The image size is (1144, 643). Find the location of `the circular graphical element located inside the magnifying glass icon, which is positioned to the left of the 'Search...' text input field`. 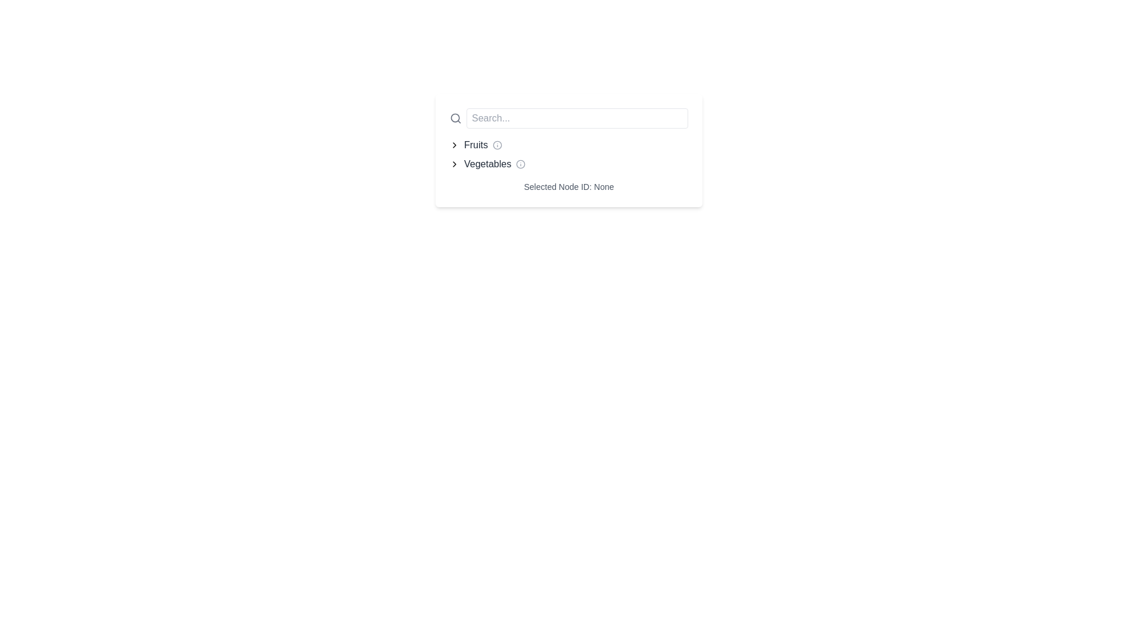

the circular graphical element located inside the magnifying glass icon, which is positioned to the left of the 'Search...' text input field is located at coordinates (455, 118).